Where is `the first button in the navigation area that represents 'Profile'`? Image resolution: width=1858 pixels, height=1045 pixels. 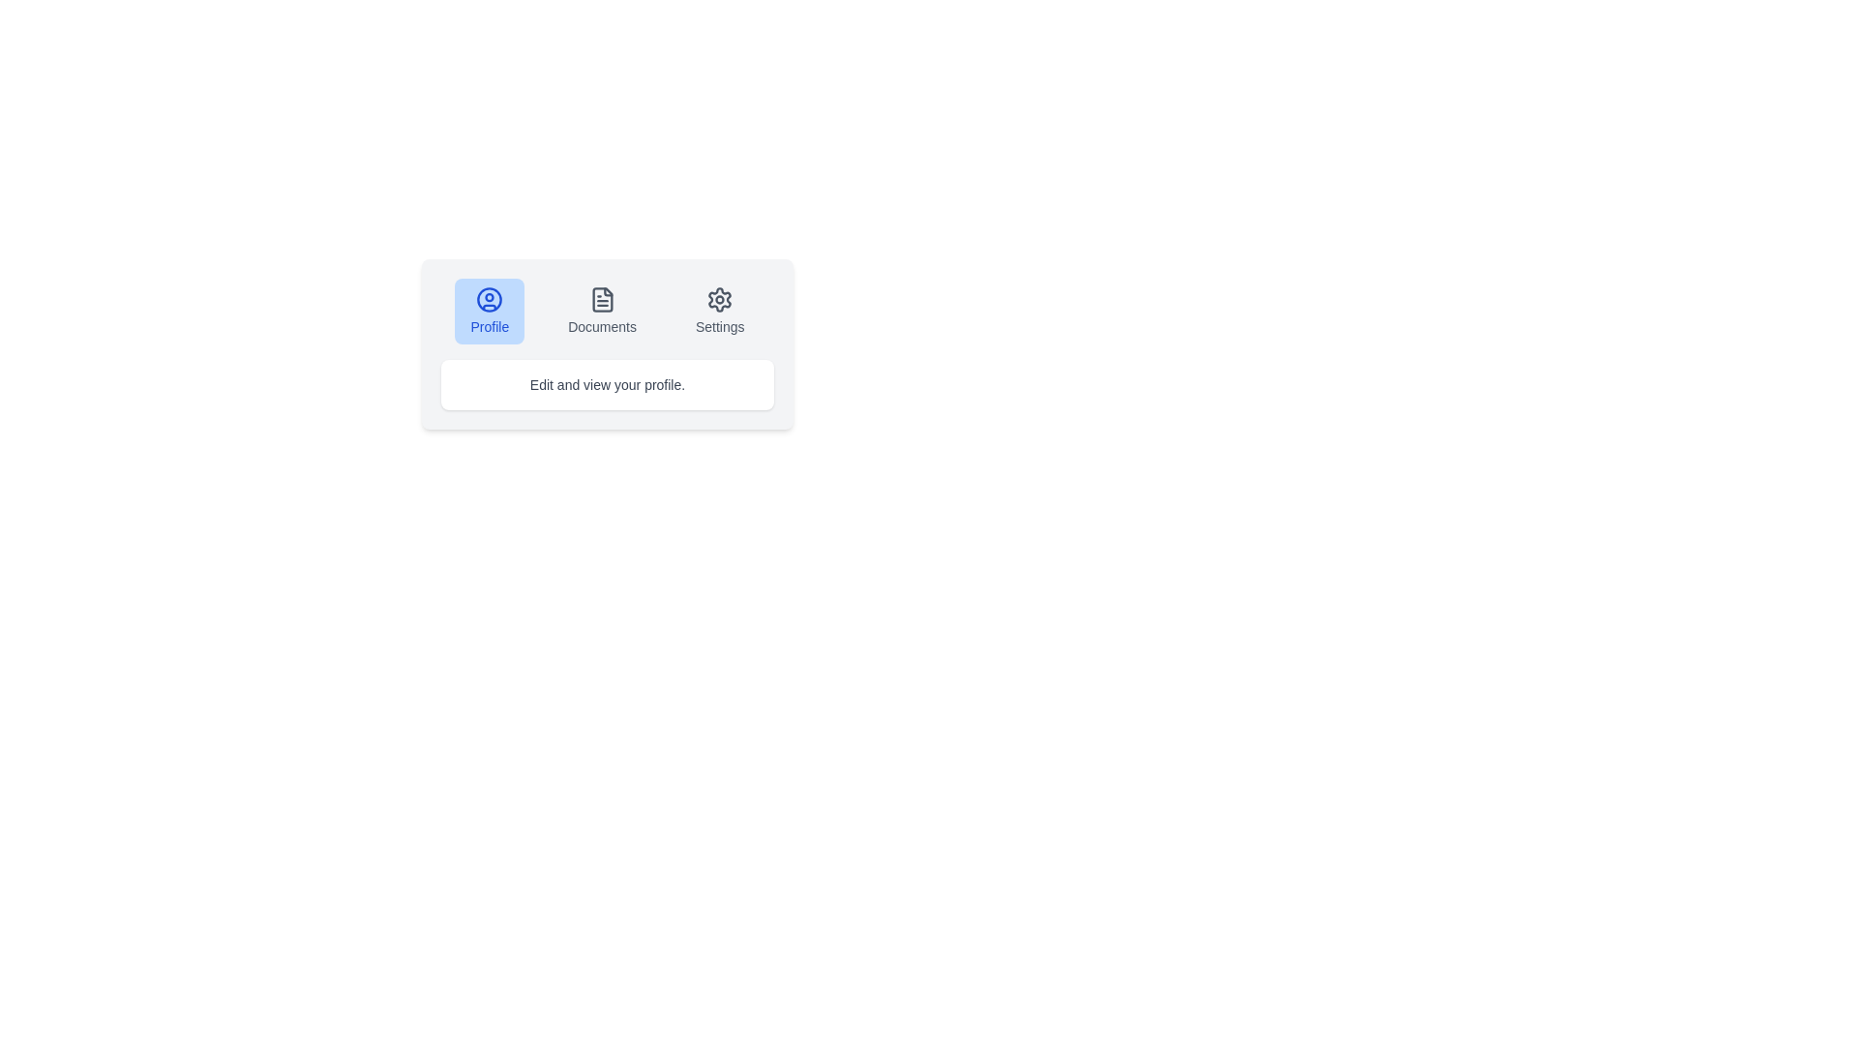 the first button in the navigation area that represents 'Profile' is located at coordinates (490, 310).